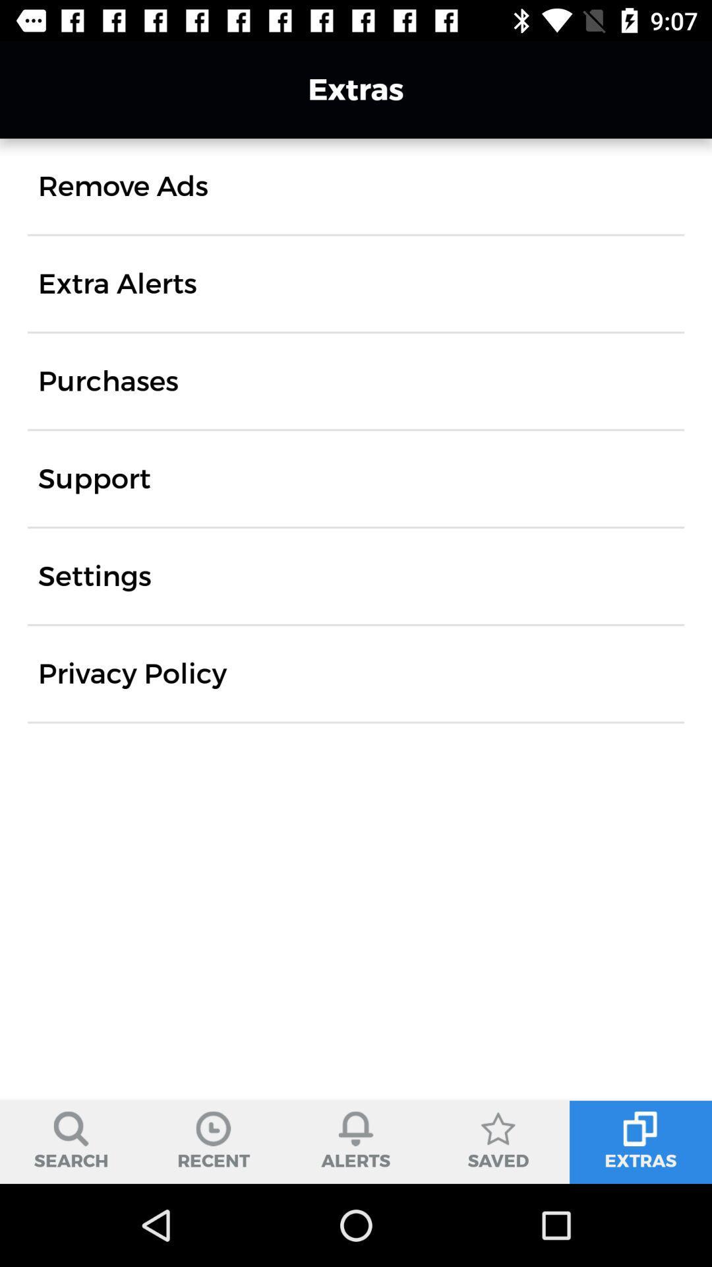 The width and height of the screenshot is (712, 1267). What do you see at coordinates (123, 185) in the screenshot?
I see `the remove ads icon` at bounding box center [123, 185].